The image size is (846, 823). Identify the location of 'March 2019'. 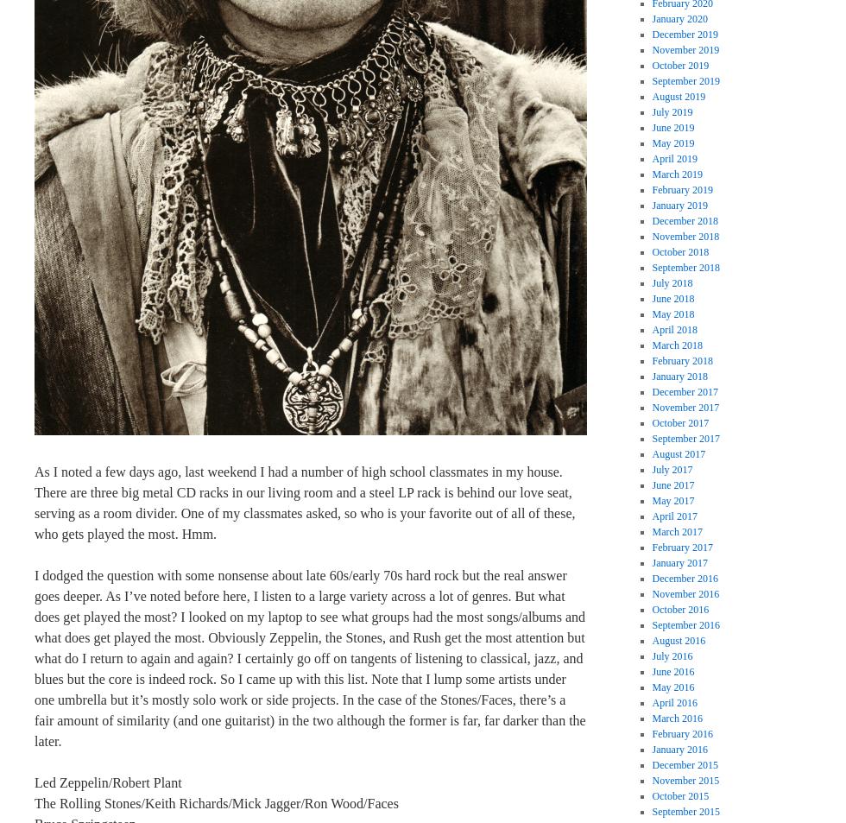
(677, 174).